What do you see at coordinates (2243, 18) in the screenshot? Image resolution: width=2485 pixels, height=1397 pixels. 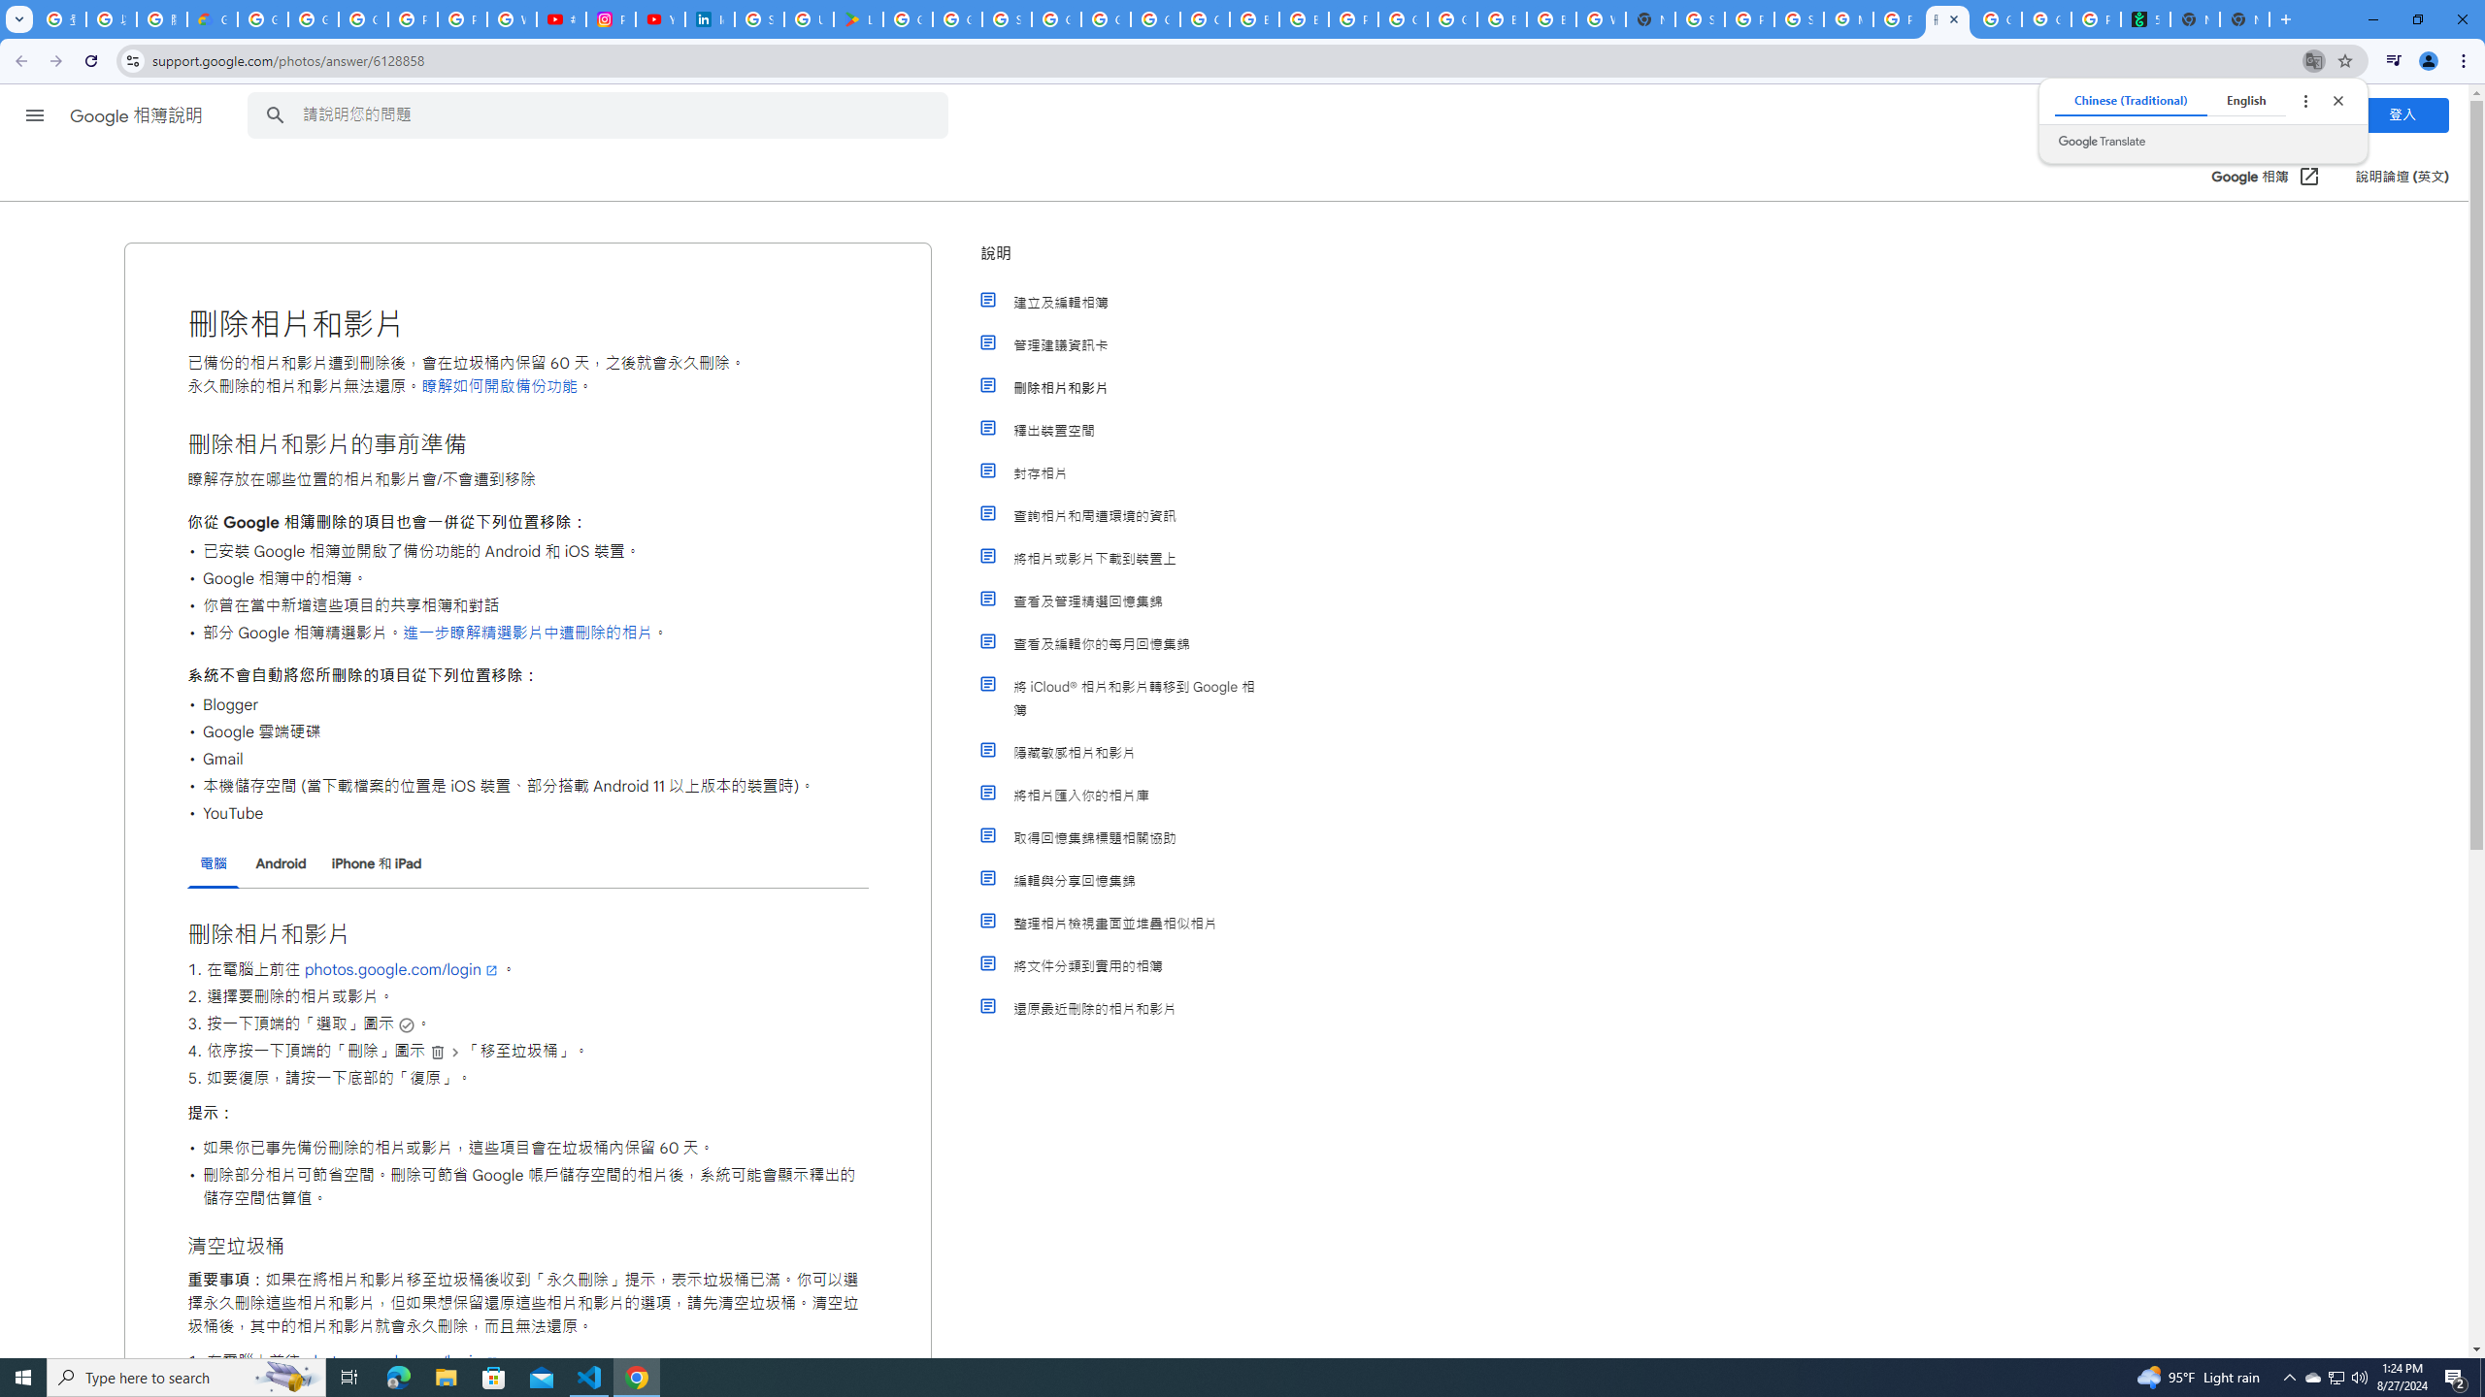 I see `'New Tab'` at bounding box center [2243, 18].